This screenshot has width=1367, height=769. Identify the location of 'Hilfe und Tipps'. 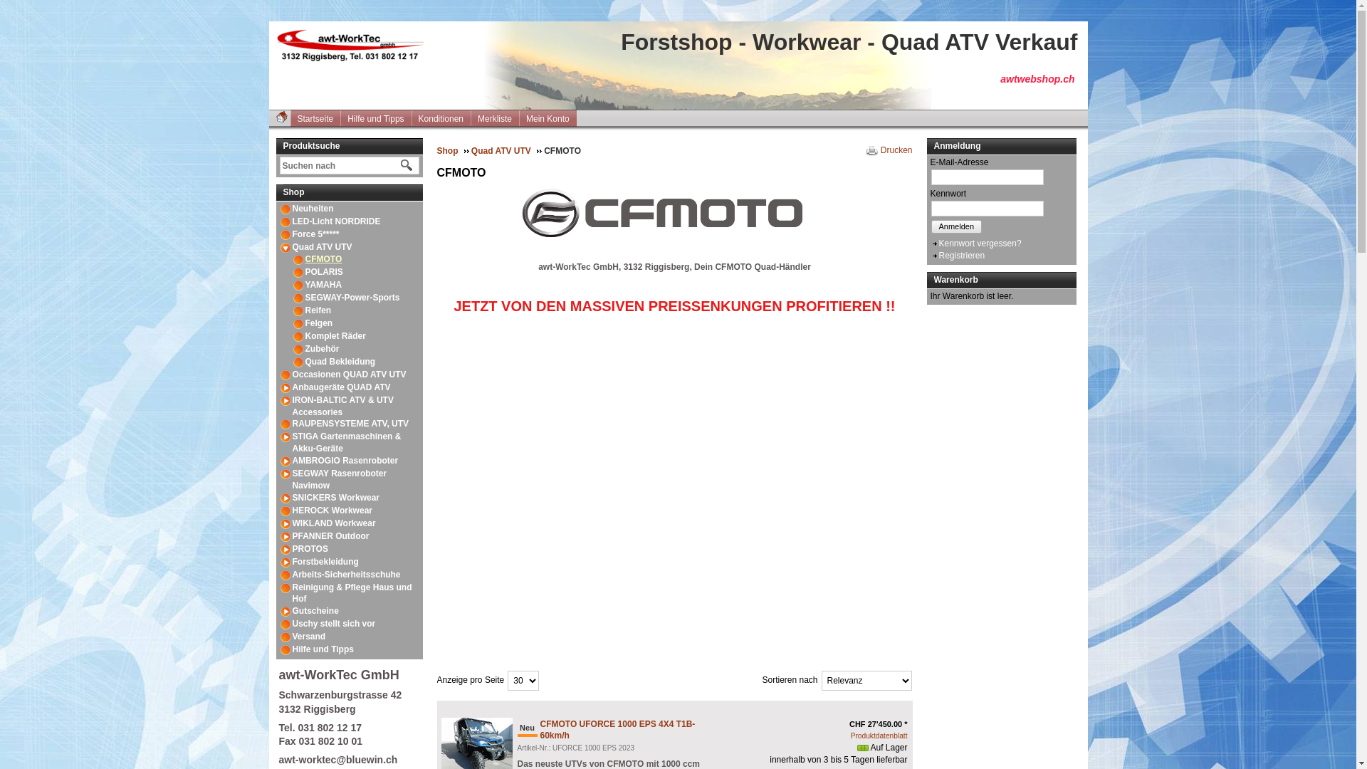
(379, 117).